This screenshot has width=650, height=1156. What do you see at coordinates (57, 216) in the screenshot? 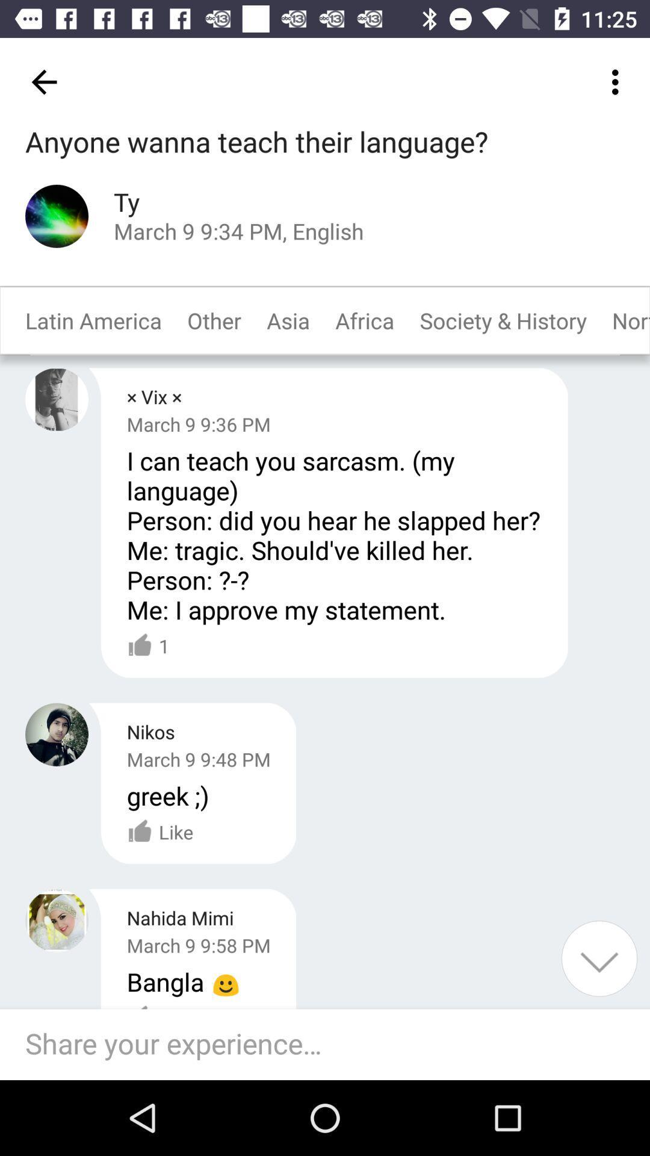
I see `user avatar` at bounding box center [57, 216].